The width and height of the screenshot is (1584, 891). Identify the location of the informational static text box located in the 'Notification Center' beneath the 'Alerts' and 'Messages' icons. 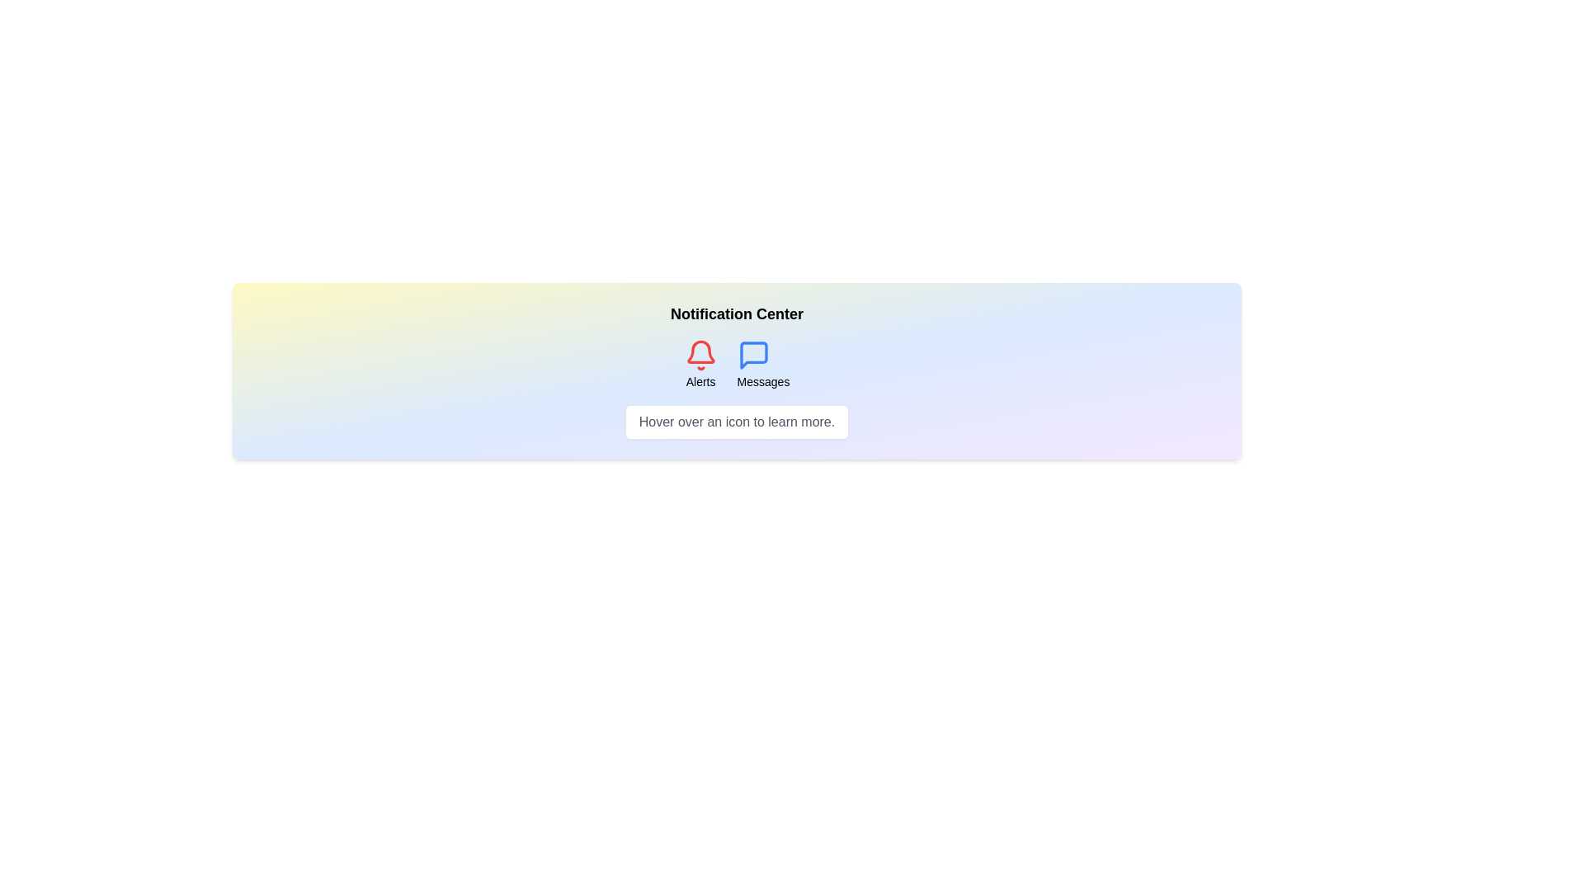
(736, 422).